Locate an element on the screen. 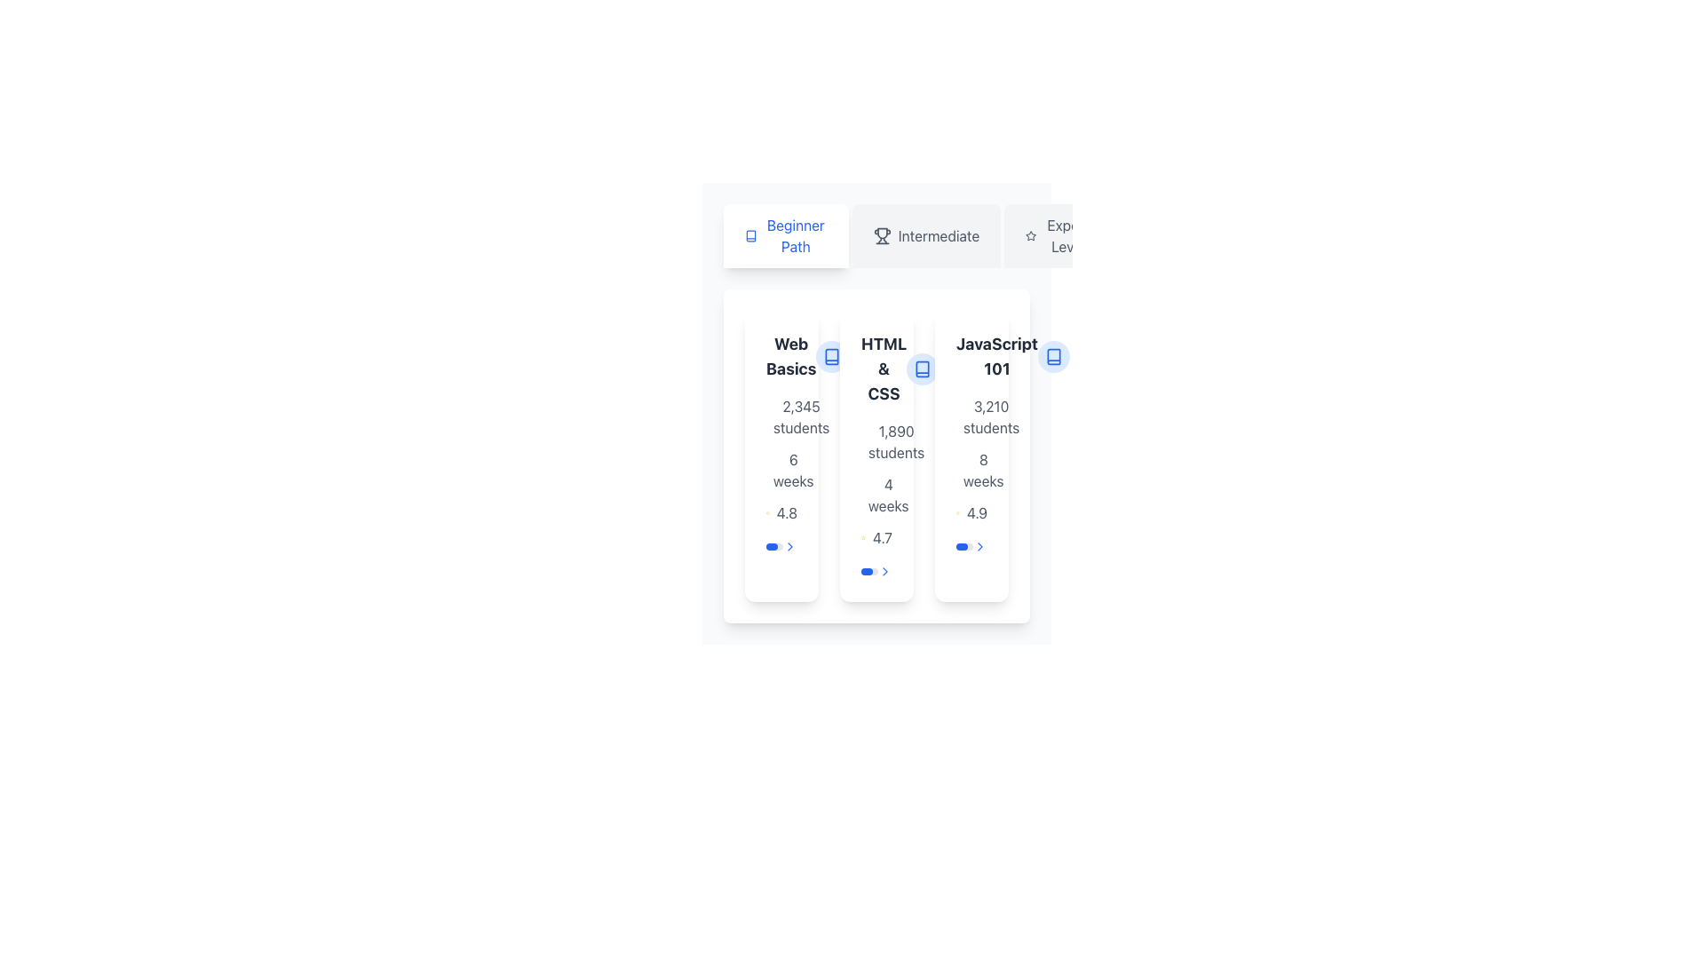 The width and height of the screenshot is (1705, 959). the title text label for the JavaScript course card labeled 'JavaScript 101', which is positioned at the top center of the card is located at coordinates (997, 356).